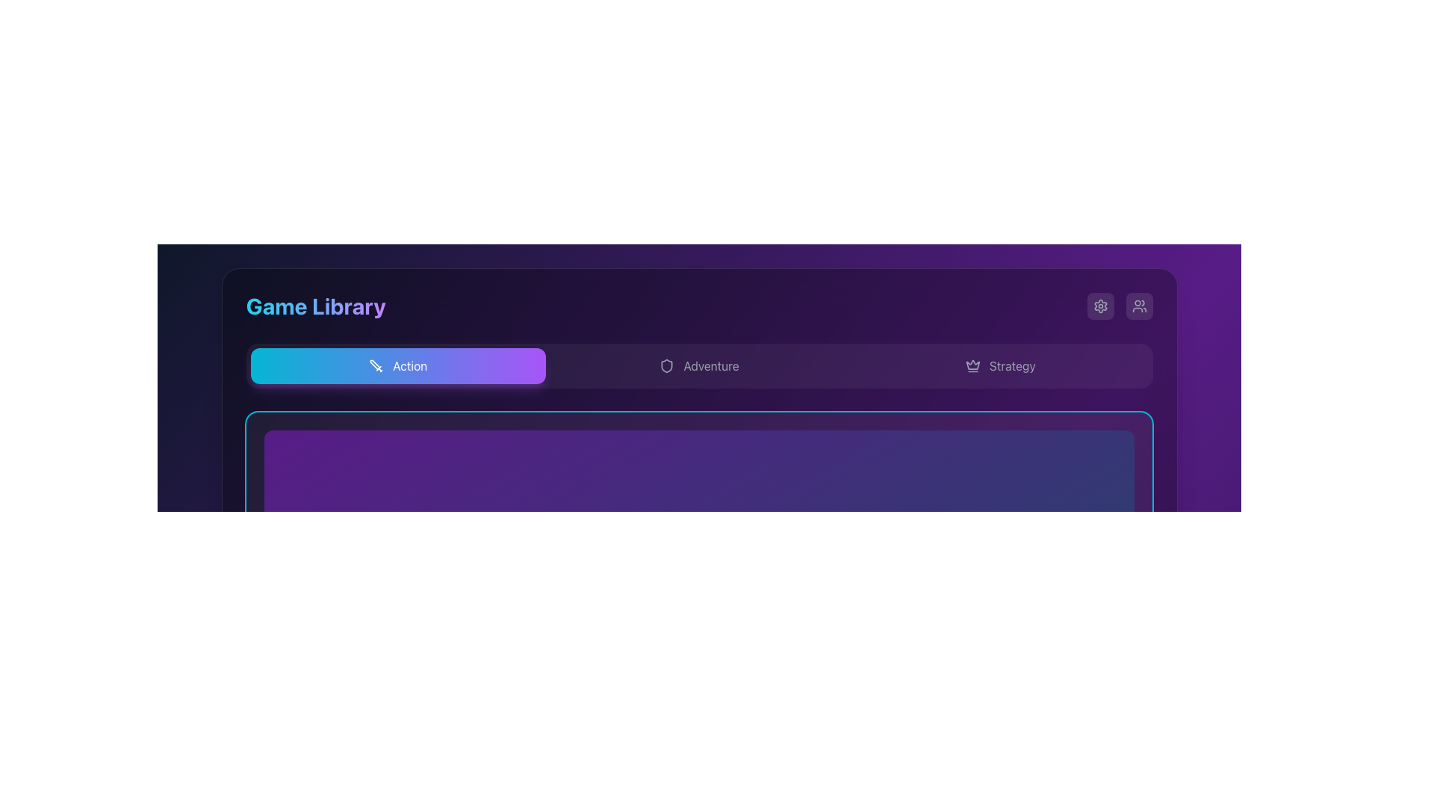  What do you see at coordinates (376, 365) in the screenshot?
I see `the button containing the sword icon, which is located to the left of the text 'Action'` at bounding box center [376, 365].